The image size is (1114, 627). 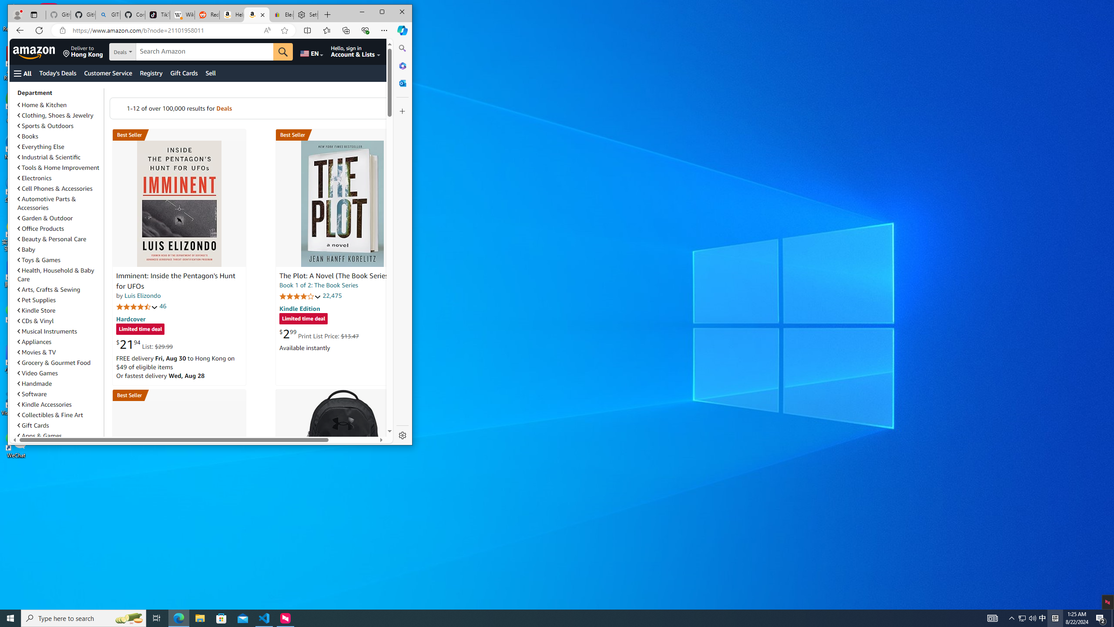 I want to click on 'Choose a language for shopping.', so click(x=311, y=51).